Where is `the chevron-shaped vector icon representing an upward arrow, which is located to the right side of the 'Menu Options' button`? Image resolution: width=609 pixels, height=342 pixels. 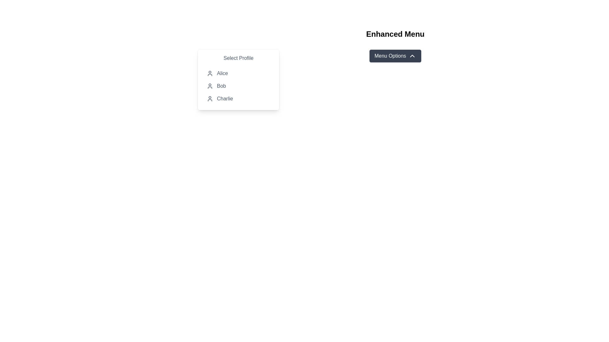
the chevron-shaped vector icon representing an upward arrow, which is located to the right side of the 'Menu Options' button is located at coordinates (412, 56).